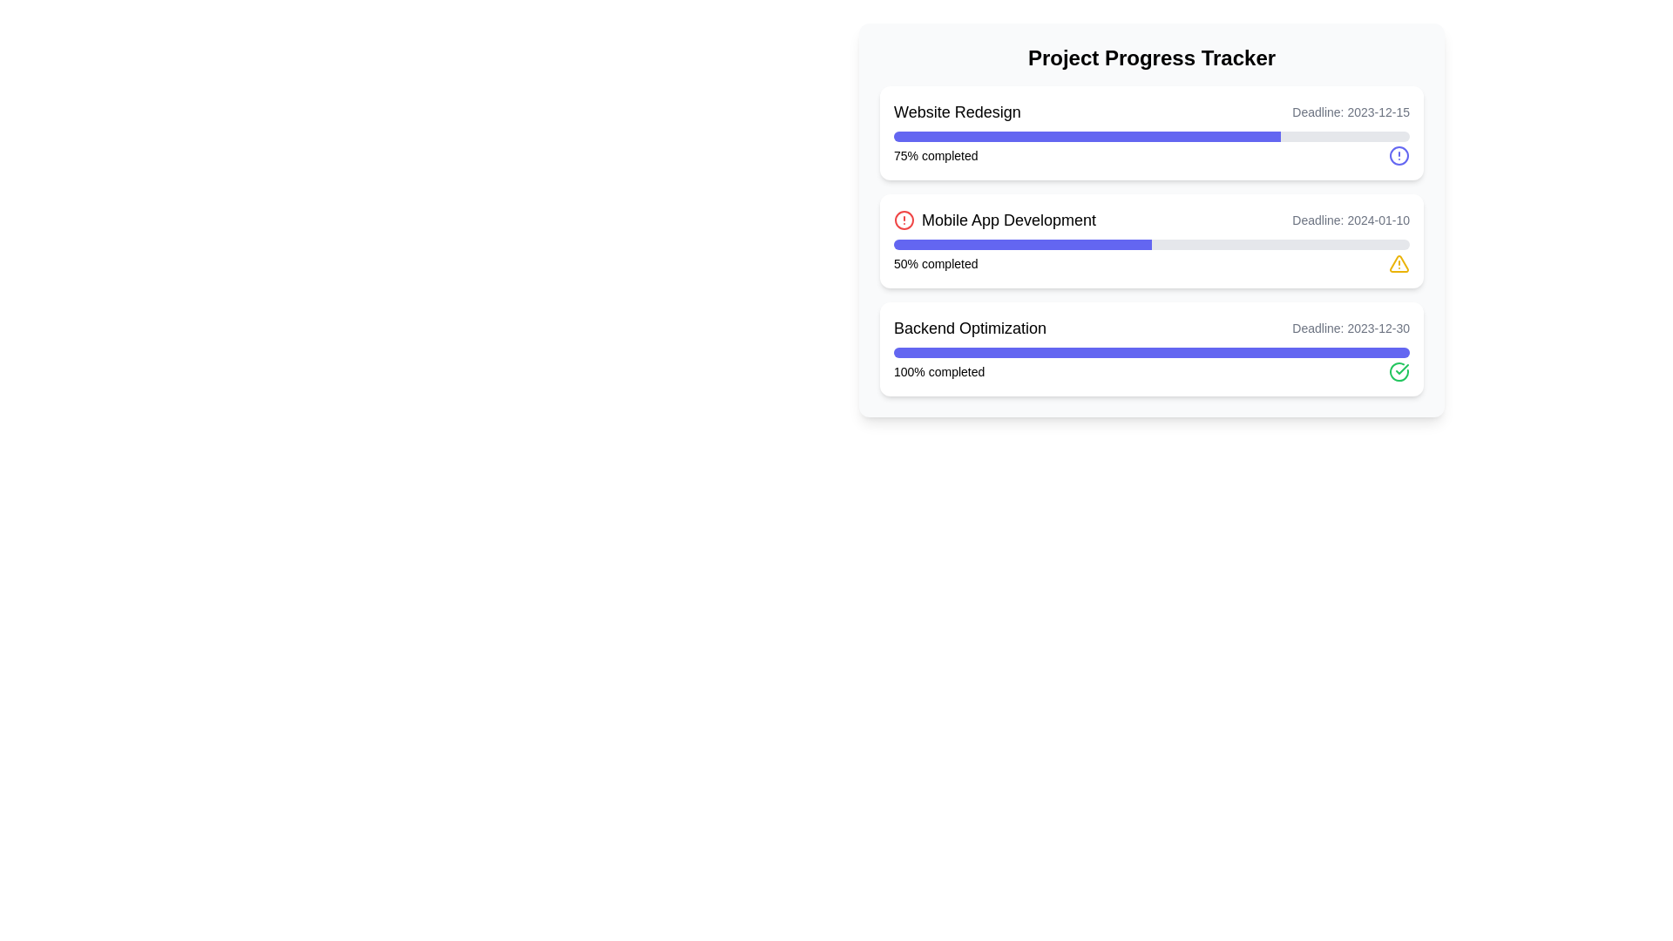  I want to click on progress bar of the 'Mobile App Development' project card, which is the second panel in the vertically stacked list of project panels, so click(1151, 241).